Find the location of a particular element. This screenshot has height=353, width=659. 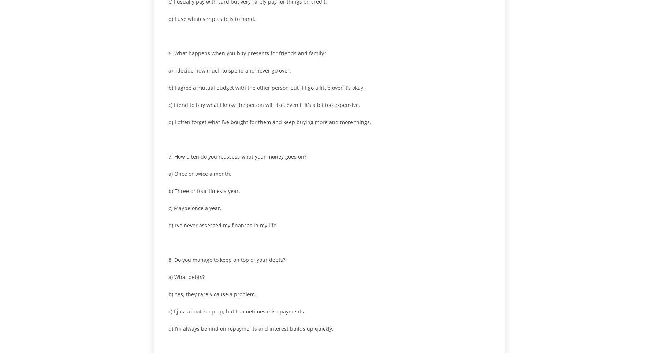

'b) Three or four times a year.' is located at coordinates (204, 190).